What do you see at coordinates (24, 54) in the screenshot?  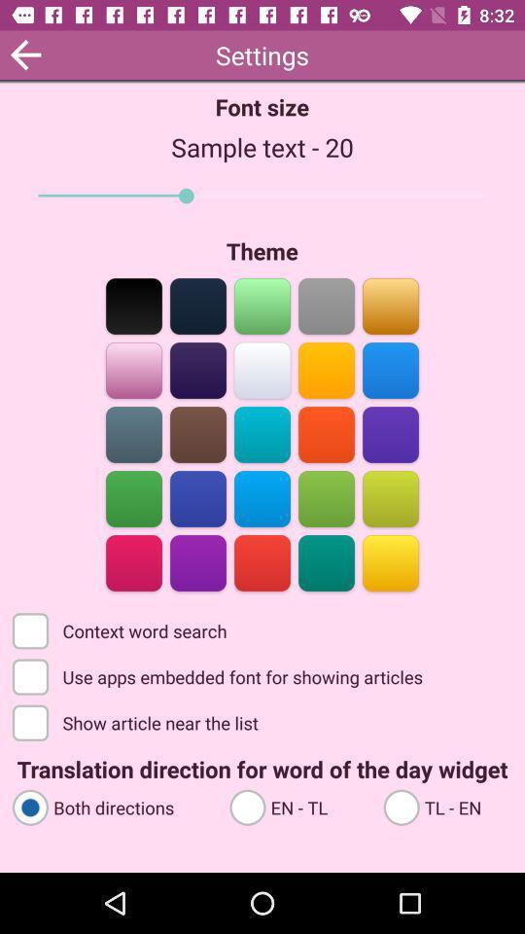 I see `the app next to the font size app` at bounding box center [24, 54].